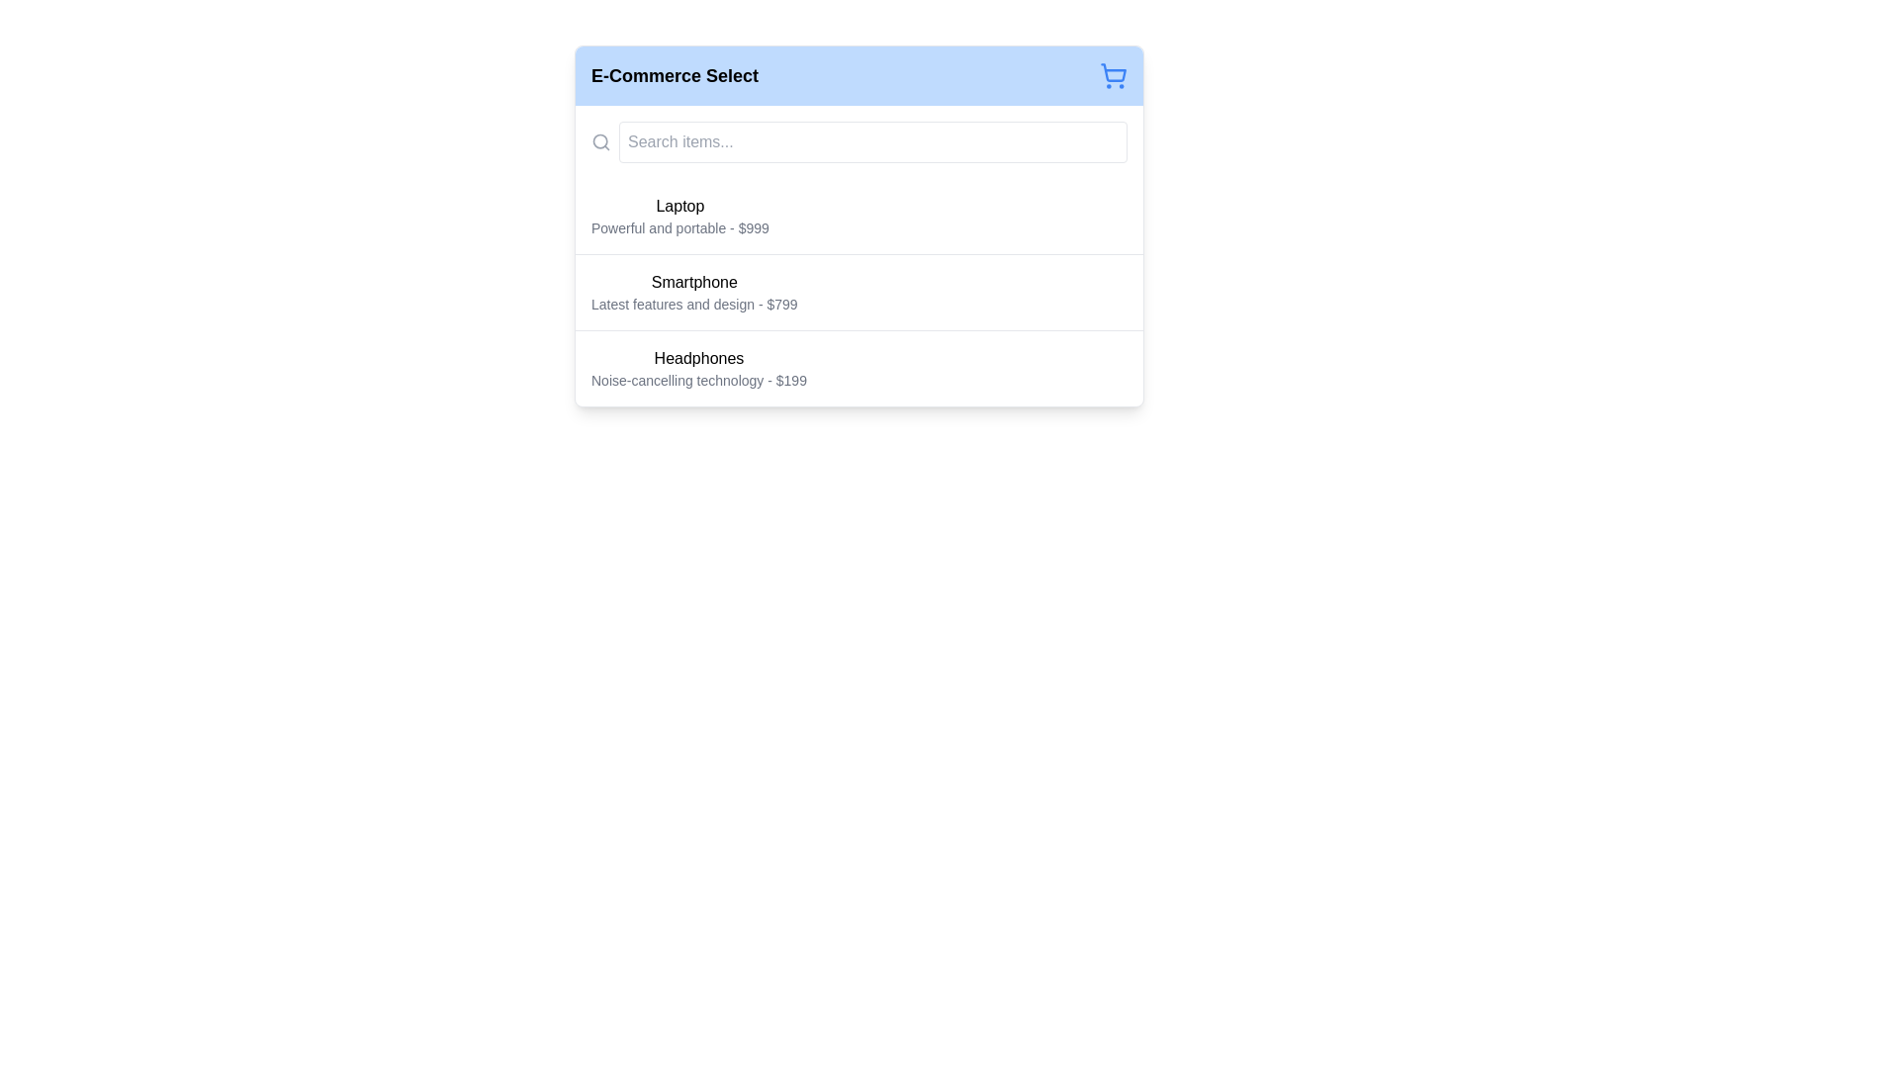 The height and width of the screenshot is (1068, 1899). What do you see at coordinates (698, 381) in the screenshot?
I see `the text label displaying 'Noise-cancelling technology - $199', which is located directly below the 'Headphones' label in the 'E-Commerce Select' interface` at bounding box center [698, 381].